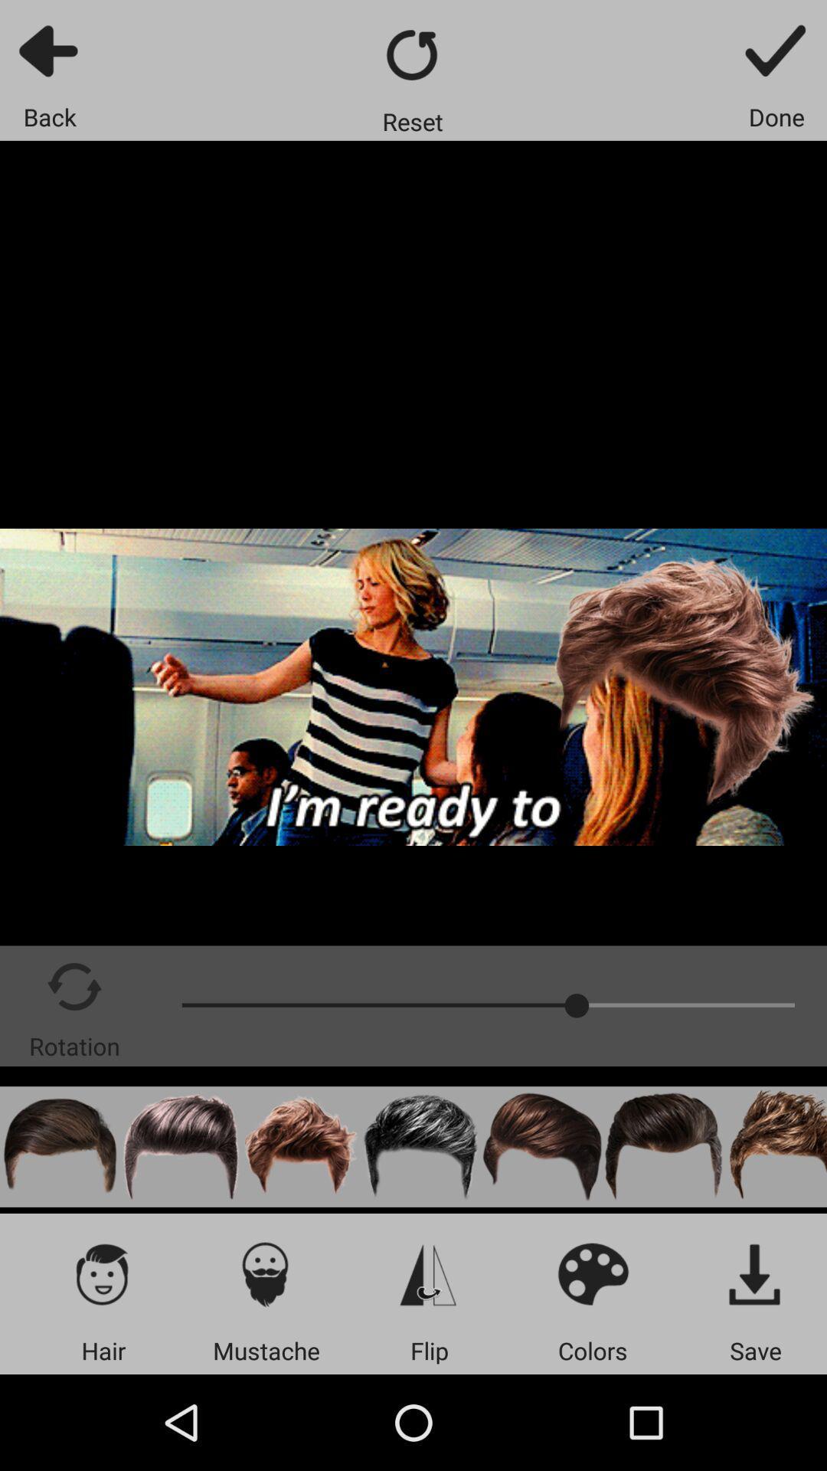  Describe the element at coordinates (412, 54) in the screenshot. I see `the refresh icon` at that location.